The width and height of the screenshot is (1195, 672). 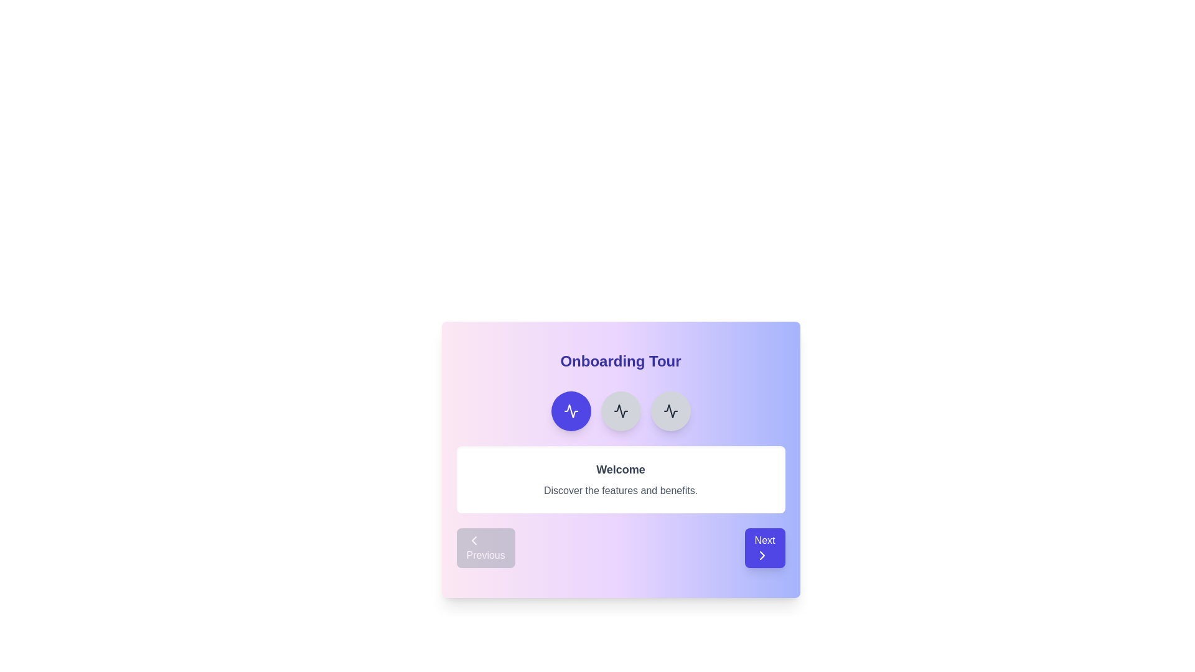 I want to click on the chevron icon located inside the 'Next' button at the bottom right of the onboarding card interface, which indicates the transition to the next step, so click(x=761, y=555).